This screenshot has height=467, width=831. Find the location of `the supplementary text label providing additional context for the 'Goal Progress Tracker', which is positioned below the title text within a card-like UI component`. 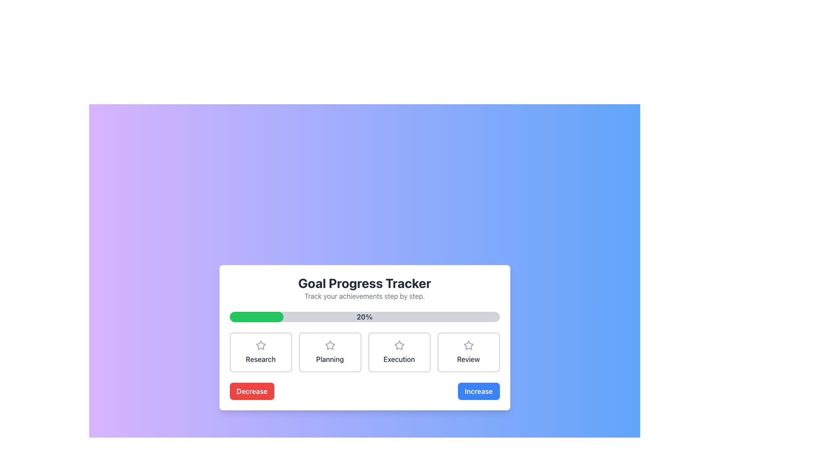

the supplementary text label providing additional context for the 'Goal Progress Tracker', which is positioned below the title text within a card-like UI component is located at coordinates (364, 296).